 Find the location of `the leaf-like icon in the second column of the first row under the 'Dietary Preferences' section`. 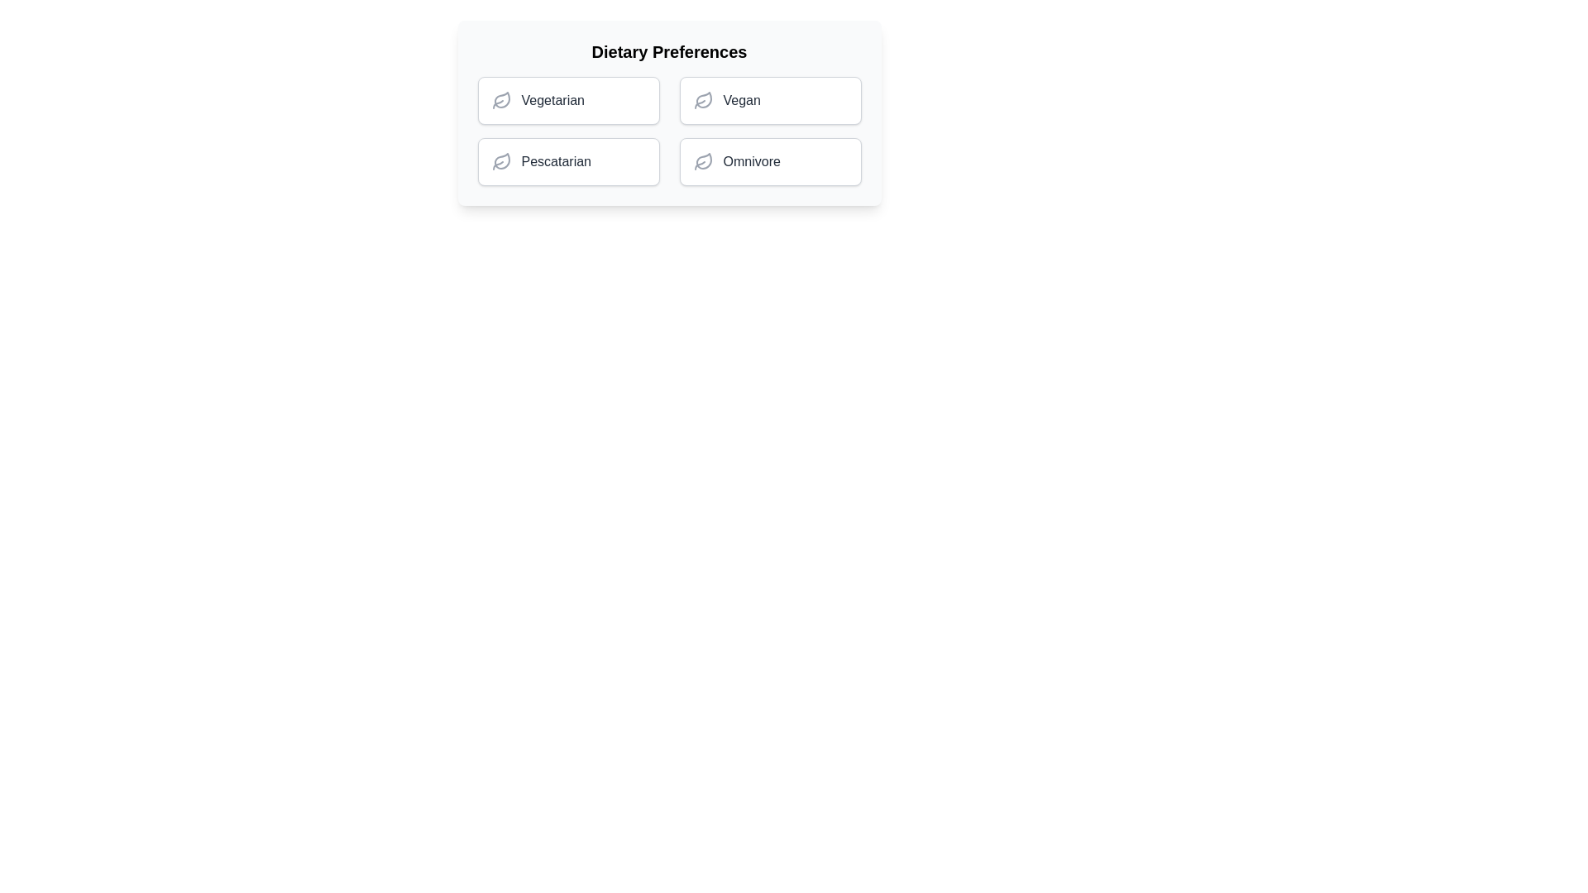

the leaf-like icon in the second column of the first row under the 'Dietary Preferences' section is located at coordinates (500, 161).